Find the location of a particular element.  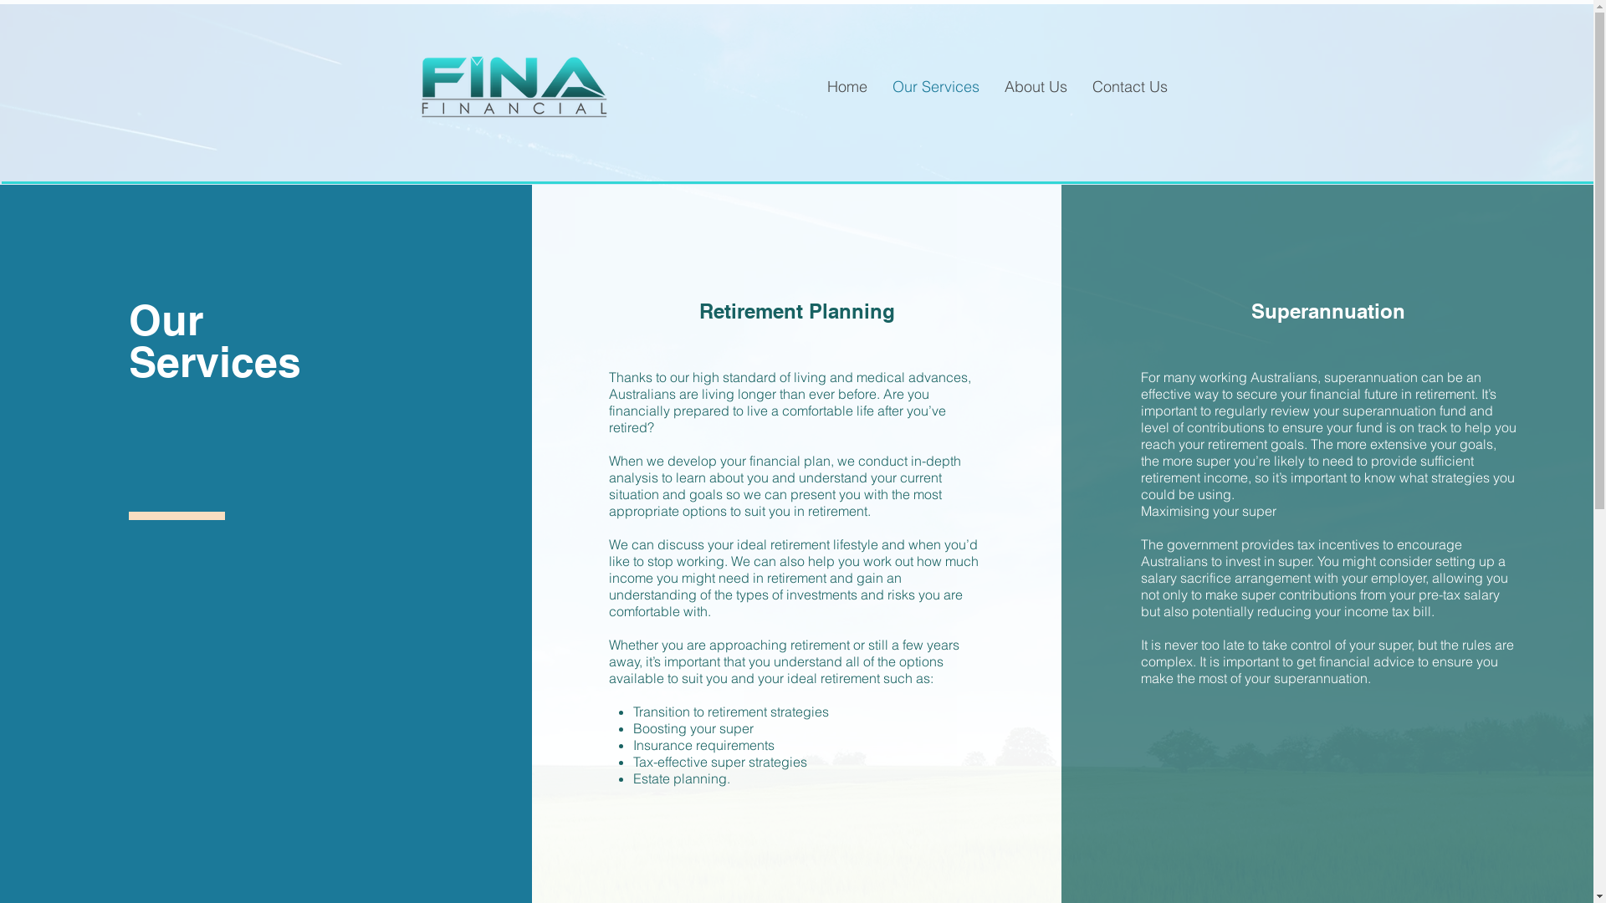

'Contact Us' is located at coordinates (1128, 87).